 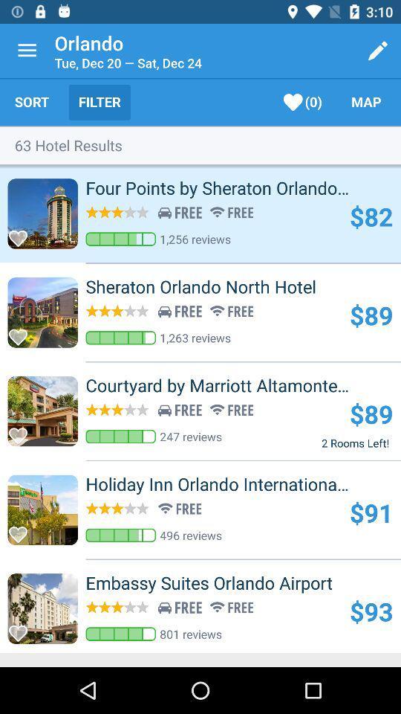 I want to click on like an option, so click(x=22, y=234).